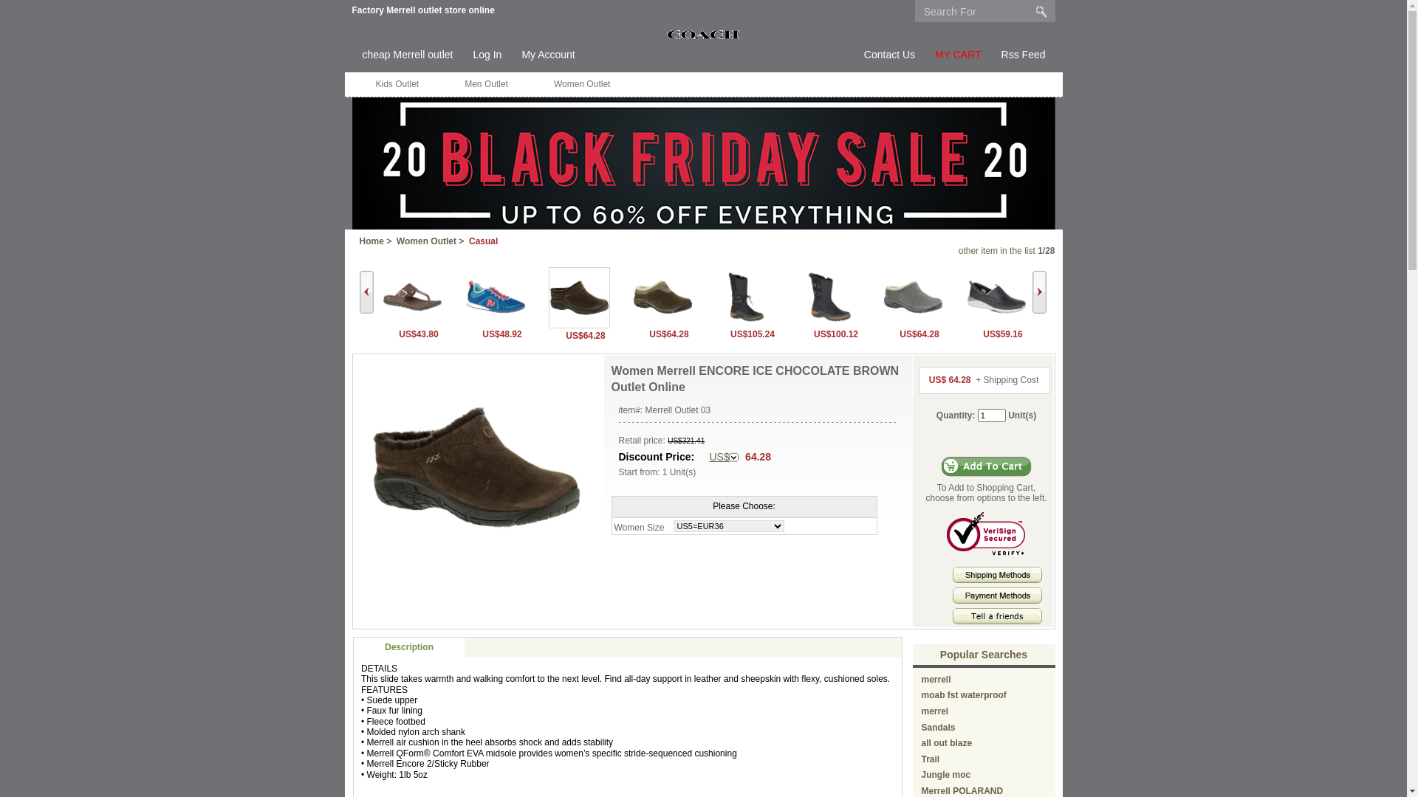 Image resolution: width=1418 pixels, height=797 pixels. I want to click on 'Merrell POLARAND', so click(921, 790).